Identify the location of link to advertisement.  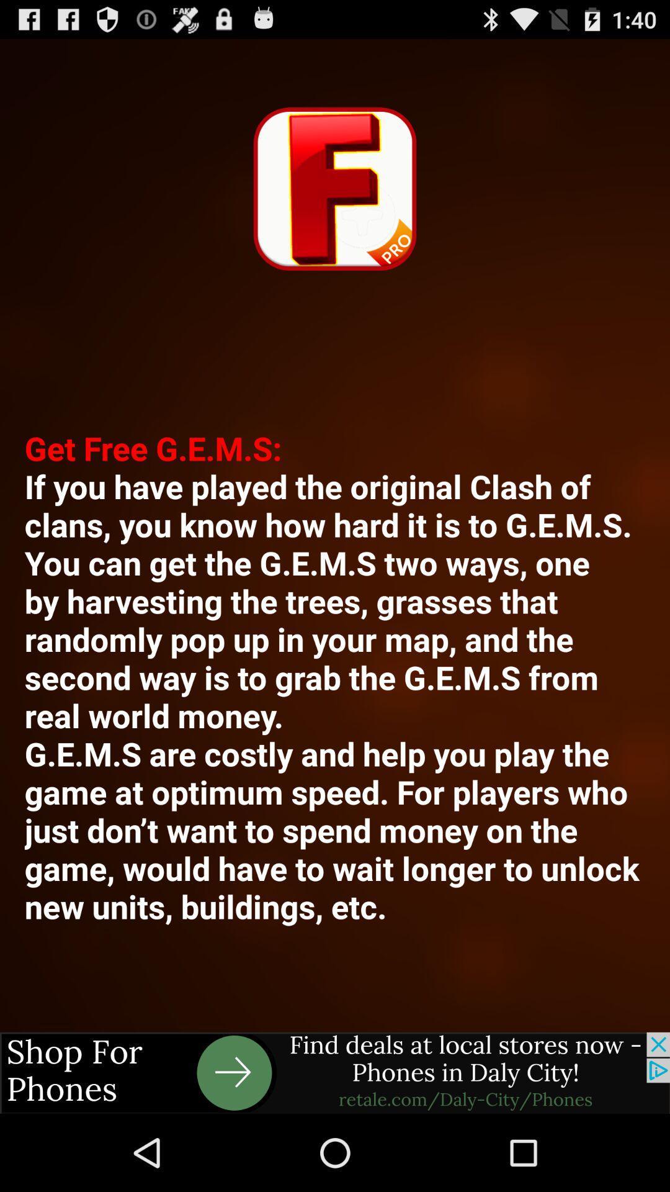
(335, 1072).